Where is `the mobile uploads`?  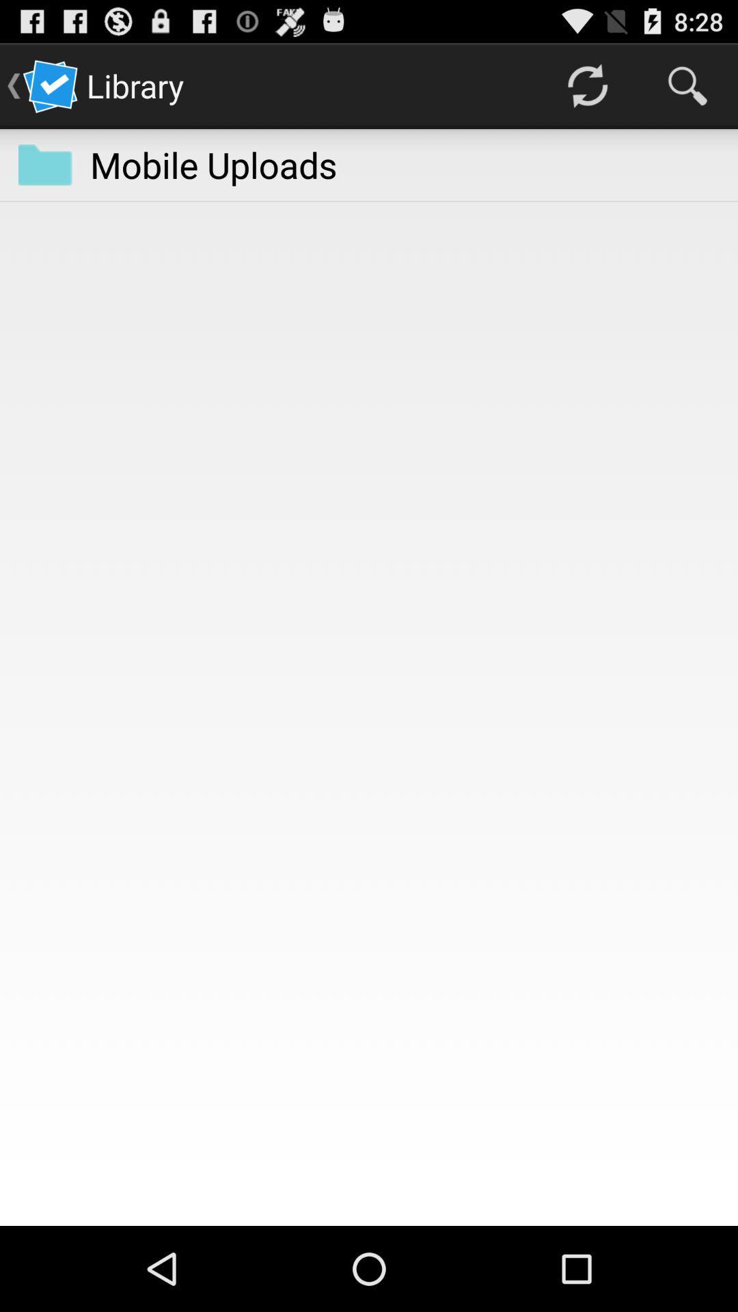
the mobile uploads is located at coordinates (213, 164).